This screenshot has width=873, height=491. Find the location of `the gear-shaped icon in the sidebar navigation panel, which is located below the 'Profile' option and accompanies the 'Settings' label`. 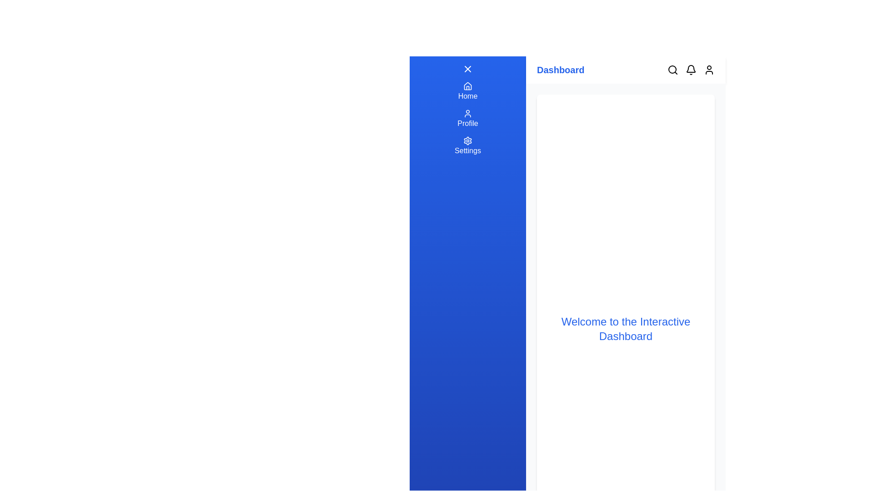

the gear-shaped icon in the sidebar navigation panel, which is located below the 'Profile' option and accompanies the 'Settings' label is located at coordinates (467, 140).